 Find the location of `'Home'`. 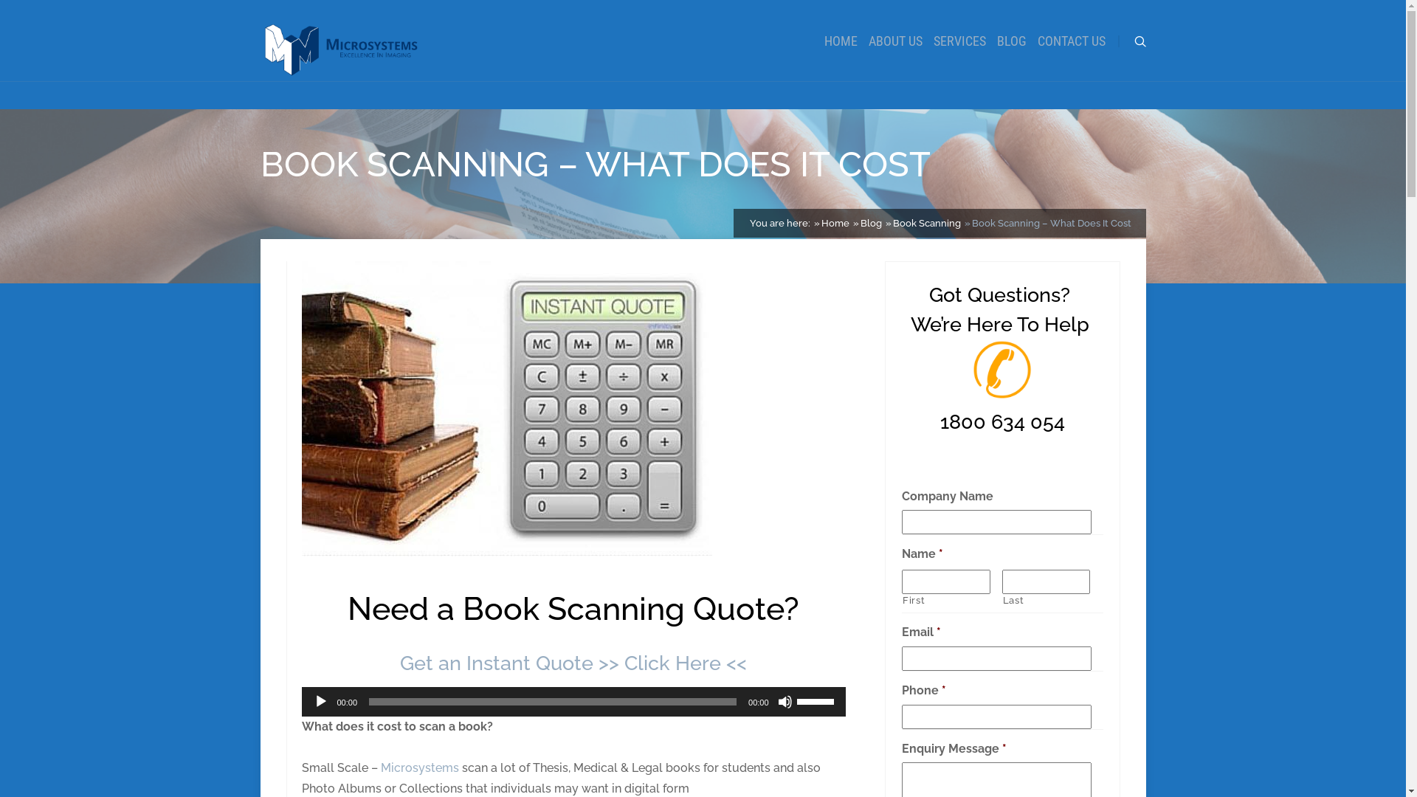

'Home' is located at coordinates (835, 222).